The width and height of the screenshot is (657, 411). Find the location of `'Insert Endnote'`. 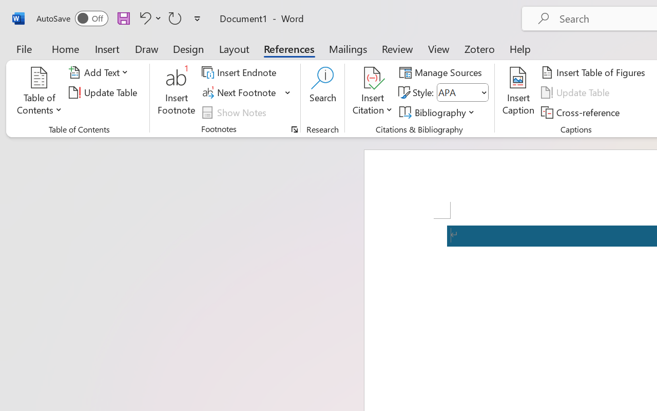

'Insert Endnote' is located at coordinates (240, 72).